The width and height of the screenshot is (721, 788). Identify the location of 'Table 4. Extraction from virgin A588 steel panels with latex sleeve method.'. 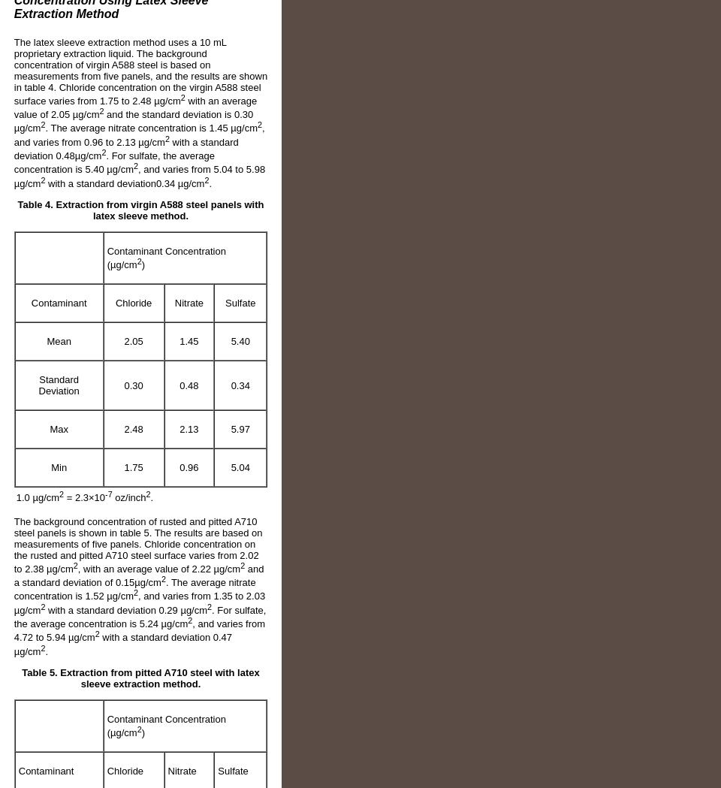
(140, 209).